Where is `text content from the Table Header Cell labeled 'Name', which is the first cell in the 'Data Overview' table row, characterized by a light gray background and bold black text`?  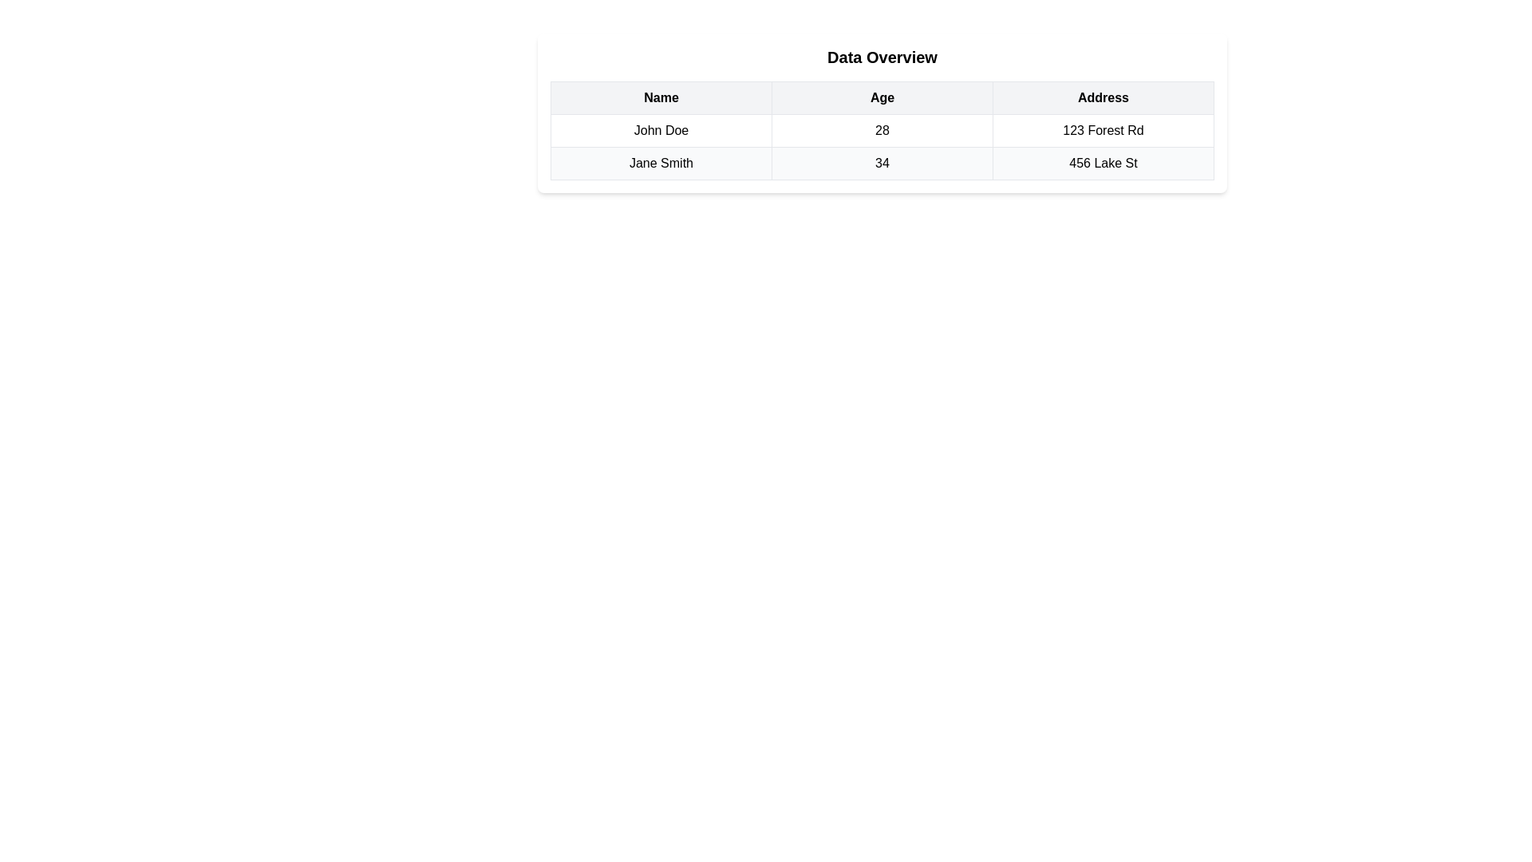
text content from the Table Header Cell labeled 'Name', which is the first cell in the 'Data Overview' table row, characterized by a light gray background and bold black text is located at coordinates (661, 98).